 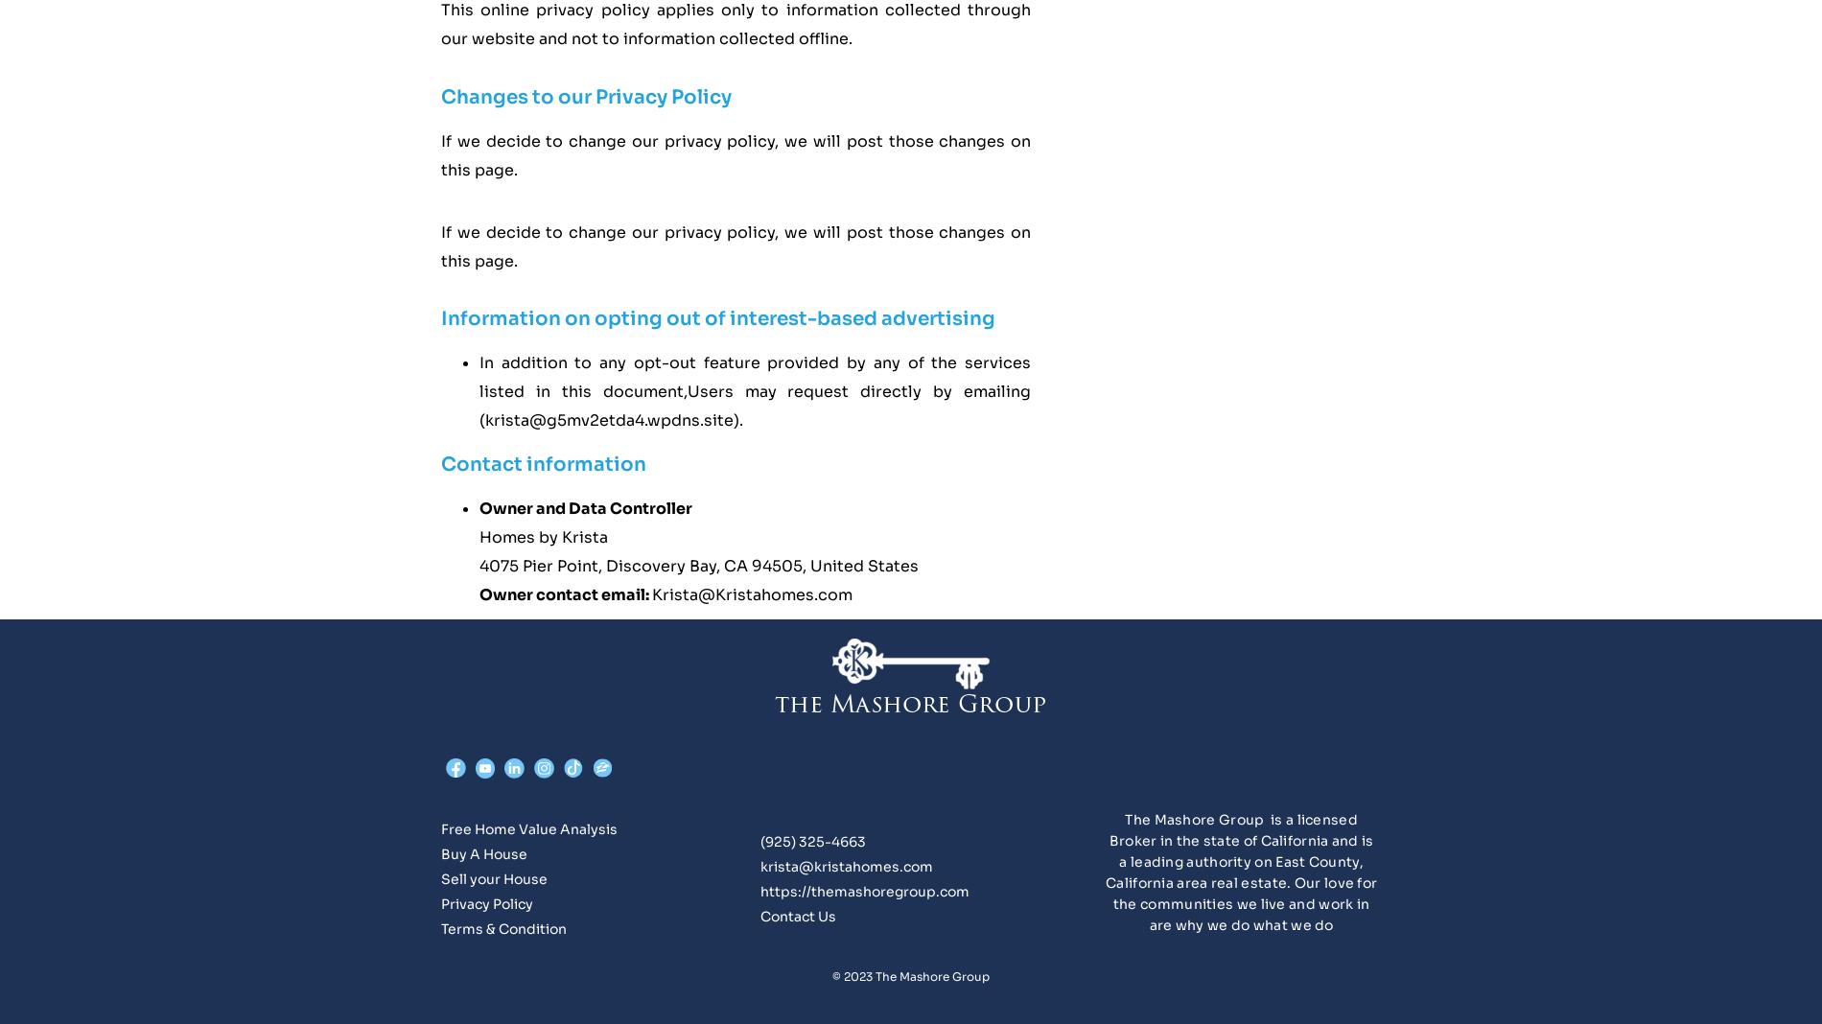 I want to click on 'Free Home Value Analysis', so click(x=528, y=827).